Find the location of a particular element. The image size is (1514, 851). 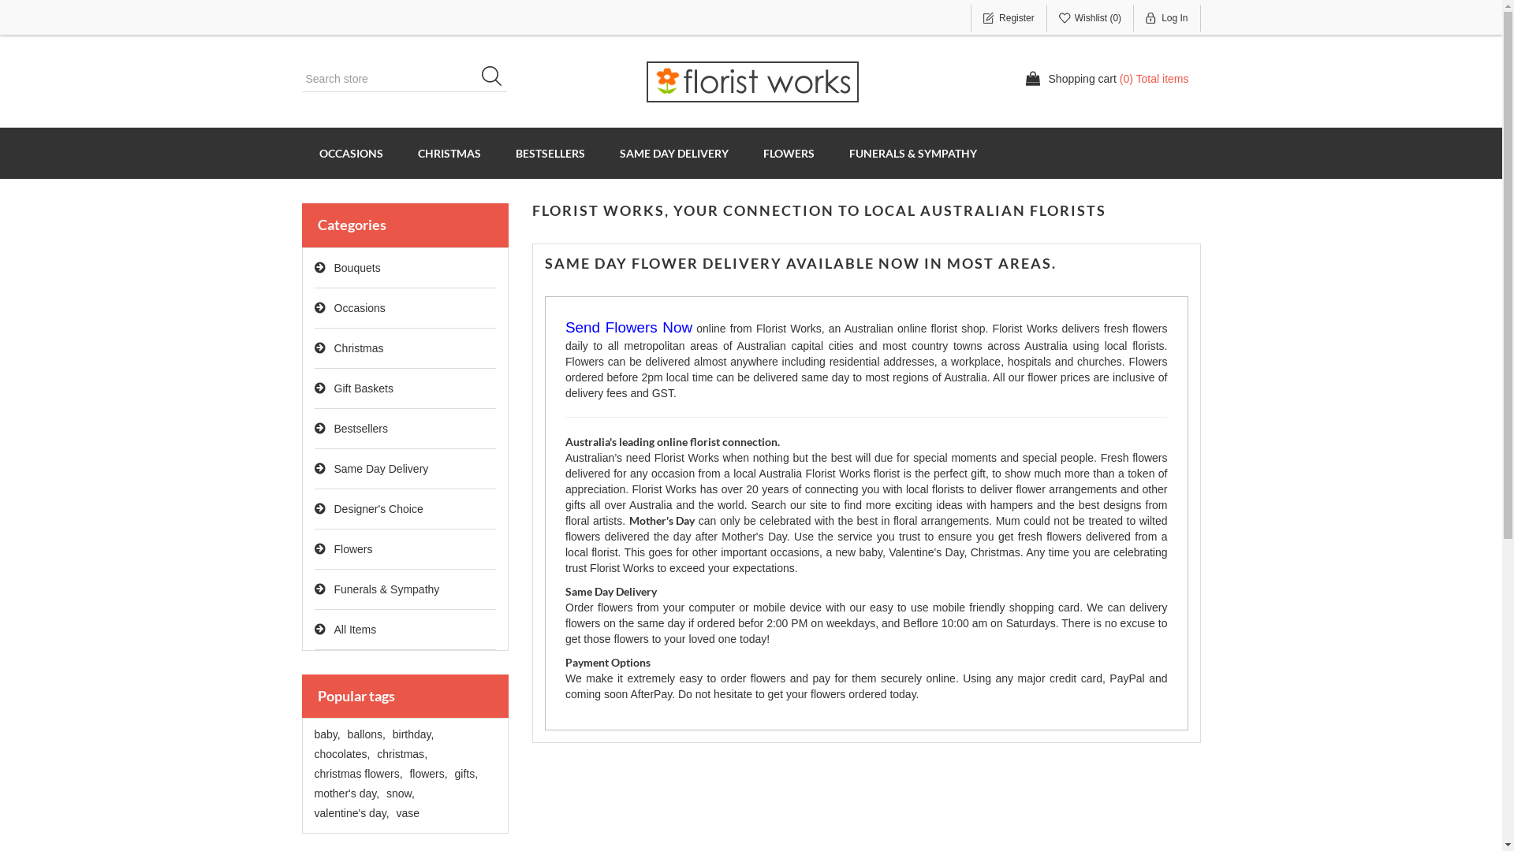

'christmas,' is located at coordinates (401, 753).